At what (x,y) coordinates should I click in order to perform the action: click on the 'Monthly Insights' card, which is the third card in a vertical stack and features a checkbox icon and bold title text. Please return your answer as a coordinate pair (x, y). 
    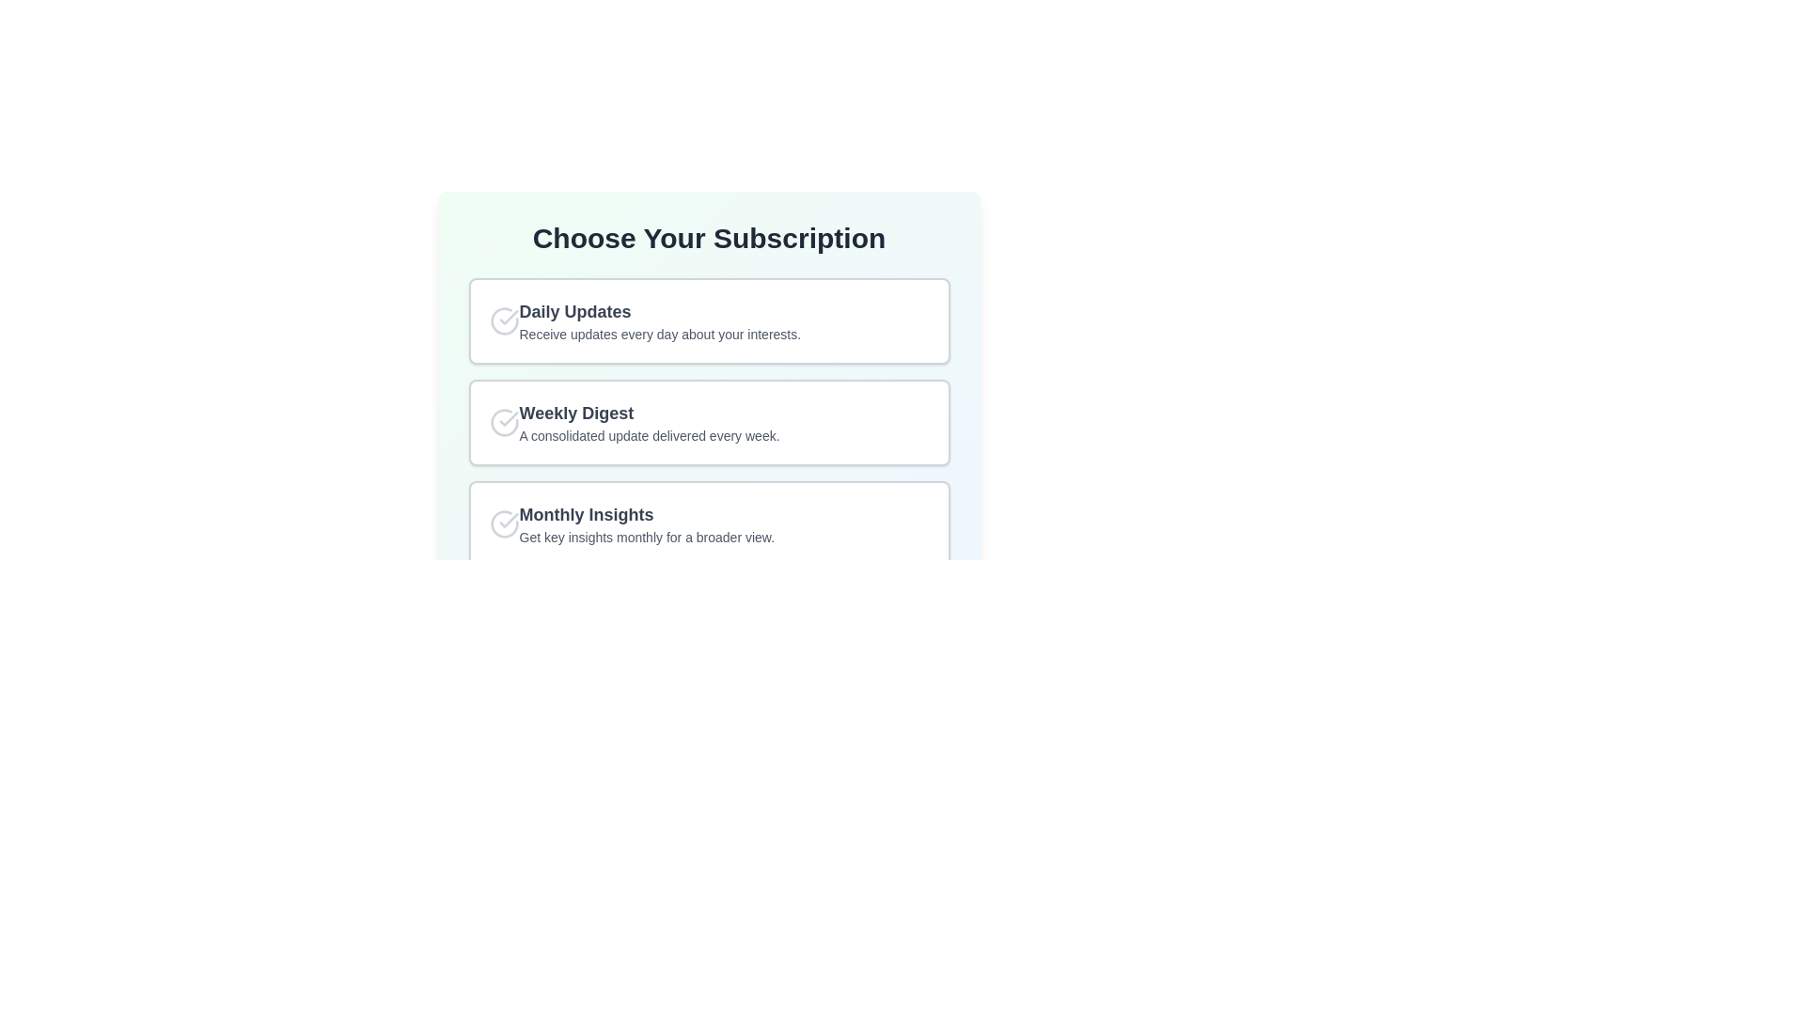
    Looking at the image, I should click on (708, 524).